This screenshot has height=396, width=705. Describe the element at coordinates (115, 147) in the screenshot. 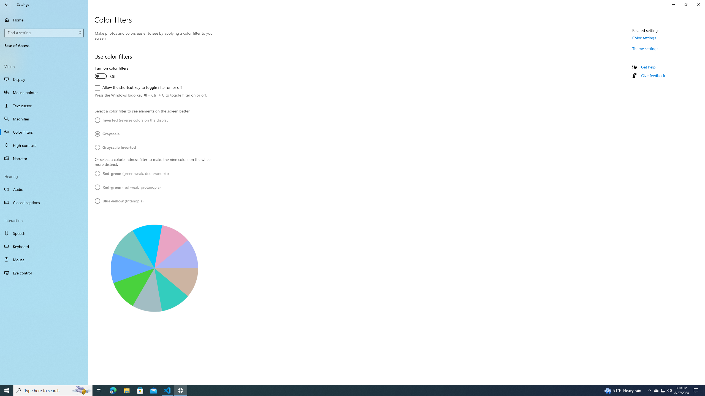

I see `'Grayscale inverted'` at that location.